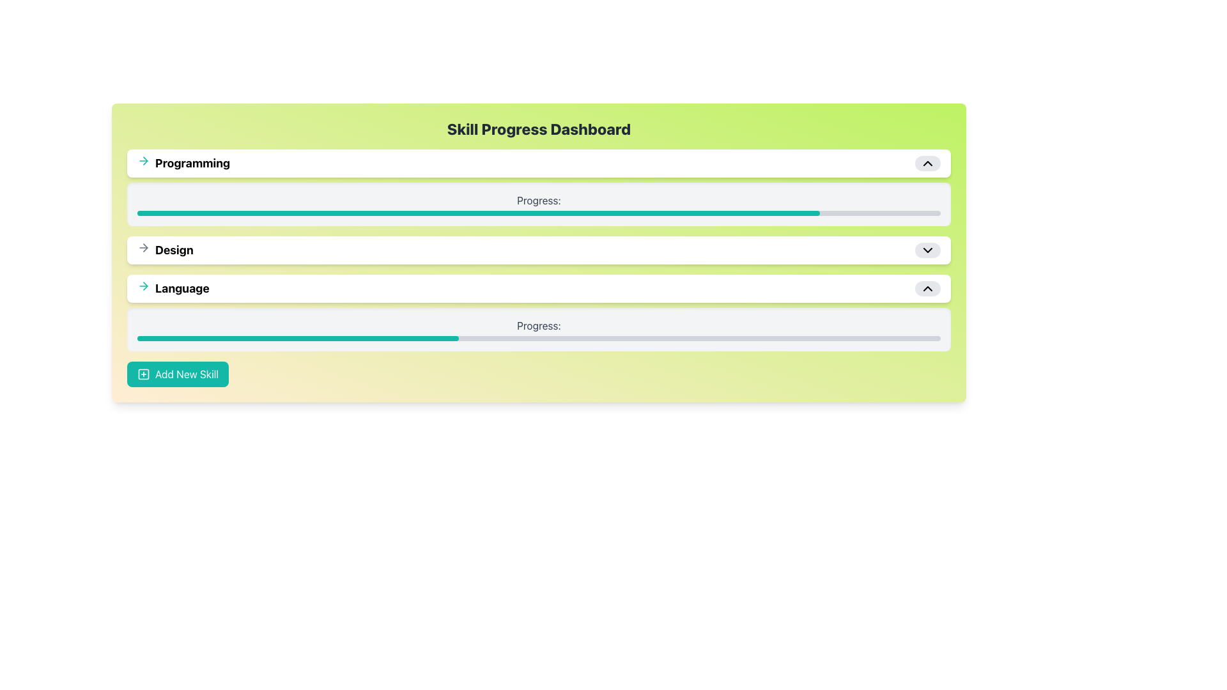  Describe the element at coordinates (539, 329) in the screenshot. I see `the Progress Indicator element that displays the progress status for the 'Language' skill, located as the third entry in the dashboard's vertically stacked sections` at that location.